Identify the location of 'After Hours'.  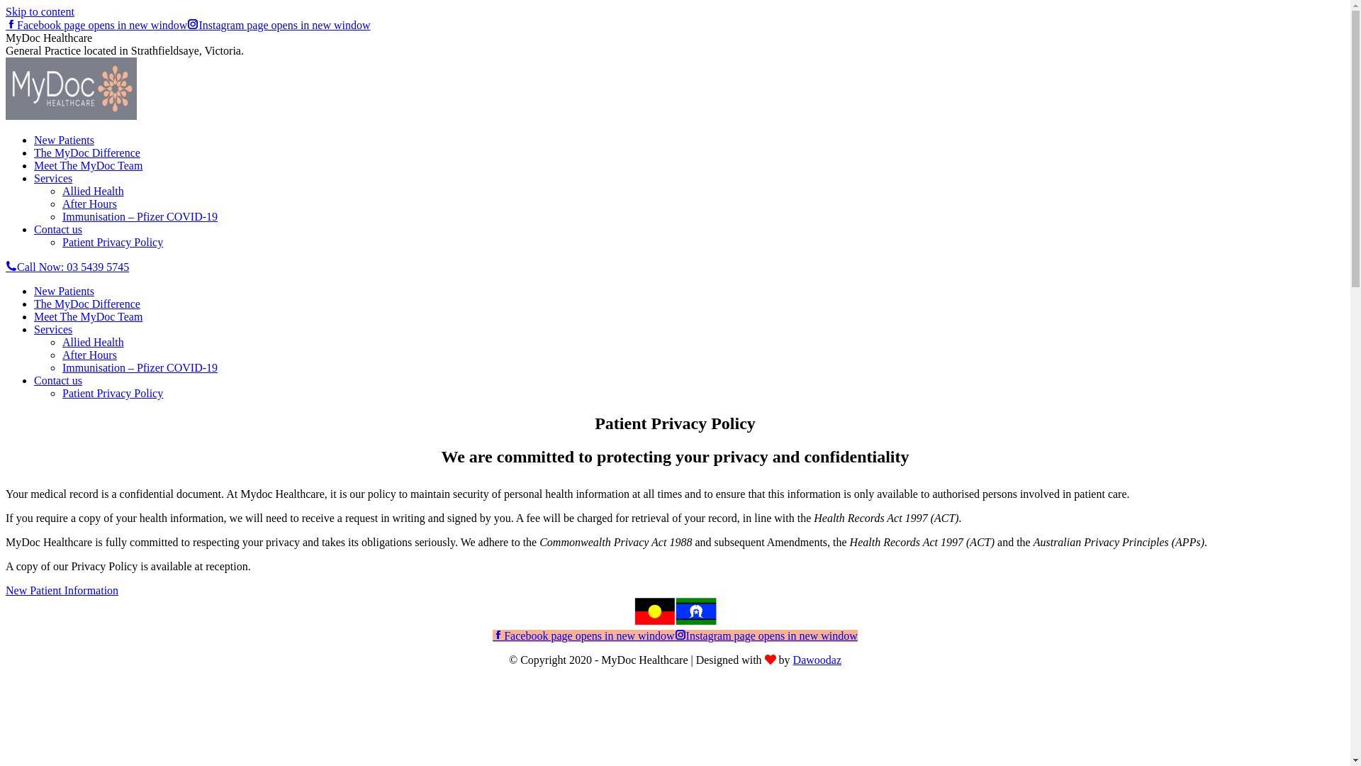
(89, 204).